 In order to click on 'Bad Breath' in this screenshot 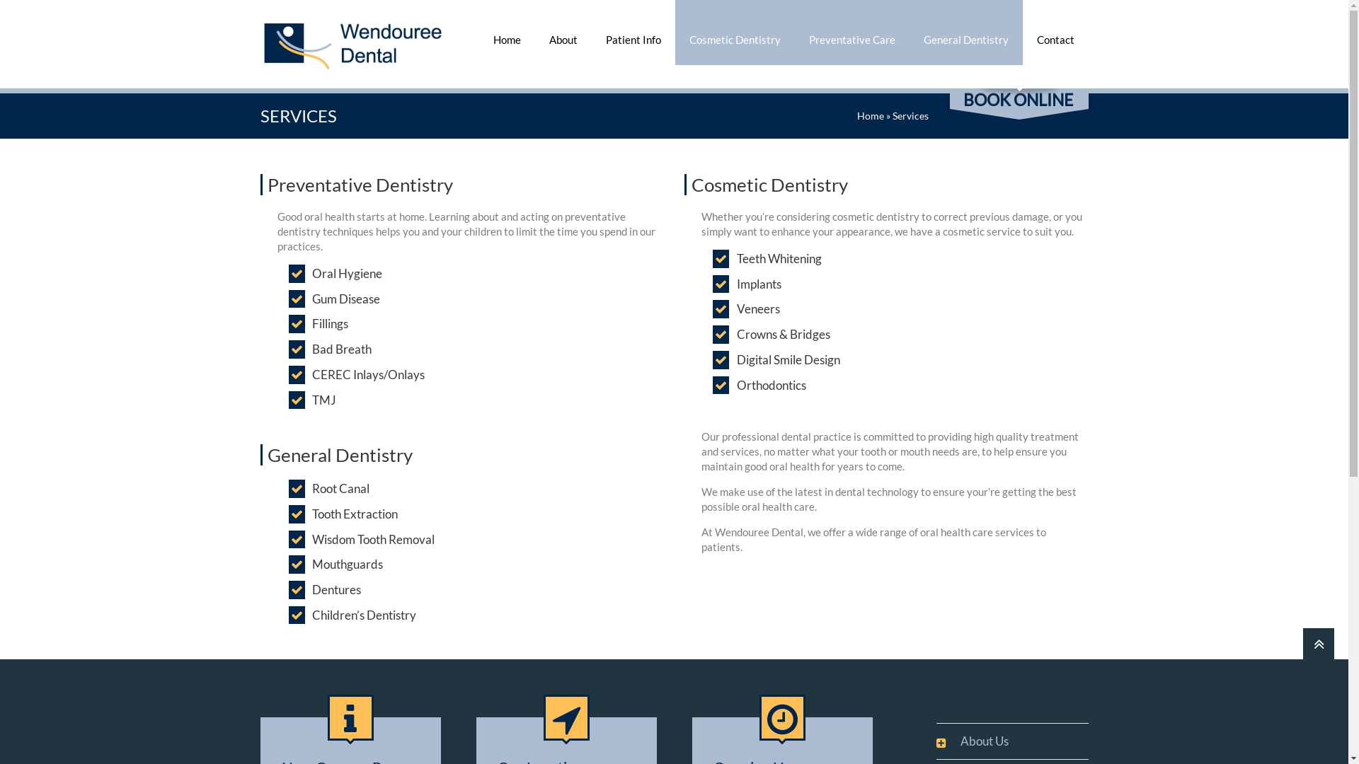, I will do `click(342, 349)`.